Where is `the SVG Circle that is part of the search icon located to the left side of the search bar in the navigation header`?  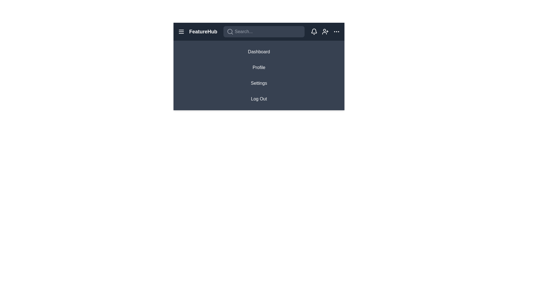
the SVG Circle that is part of the search icon located to the left side of the search bar in the navigation header is located at coordinates (230, 31).